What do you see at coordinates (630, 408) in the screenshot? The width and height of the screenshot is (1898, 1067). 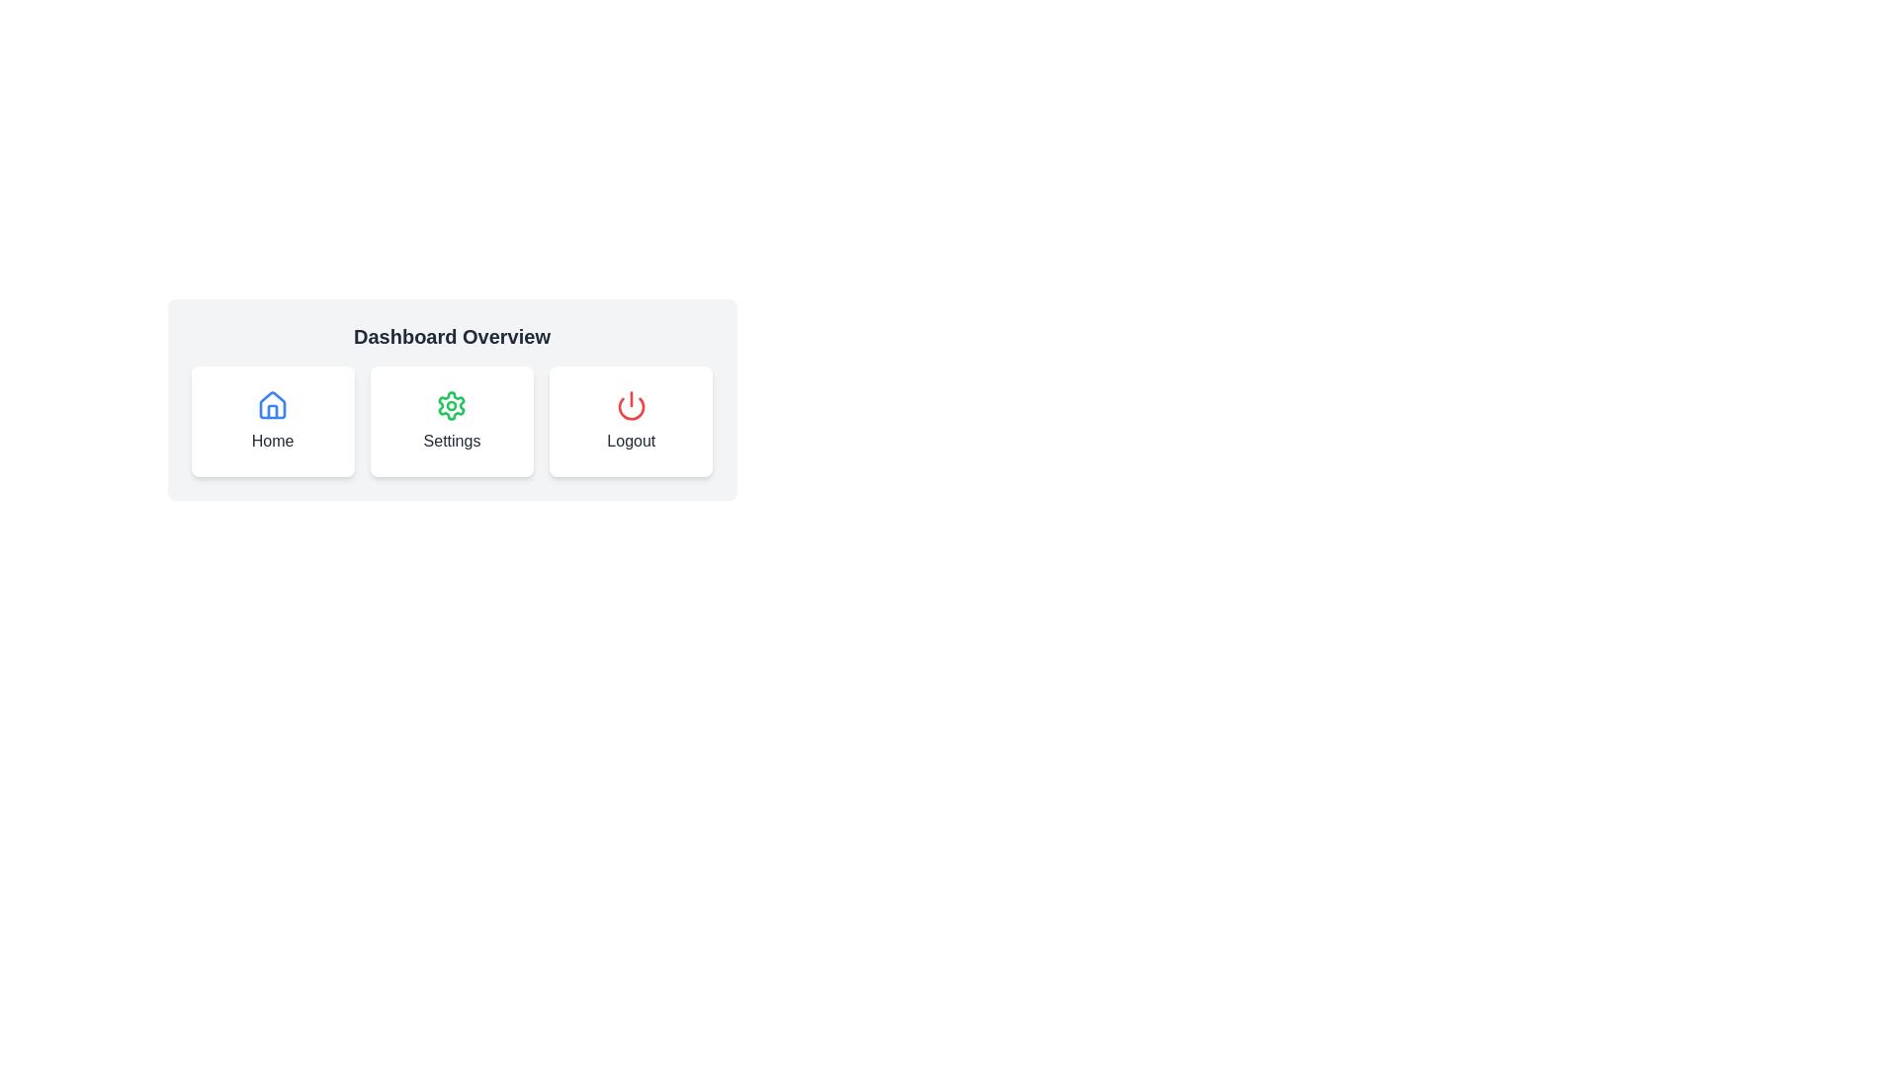 I see `the red circular arc of the power symbol SVG icon located in the 'Logout' section` at bounding box center [630, 408].